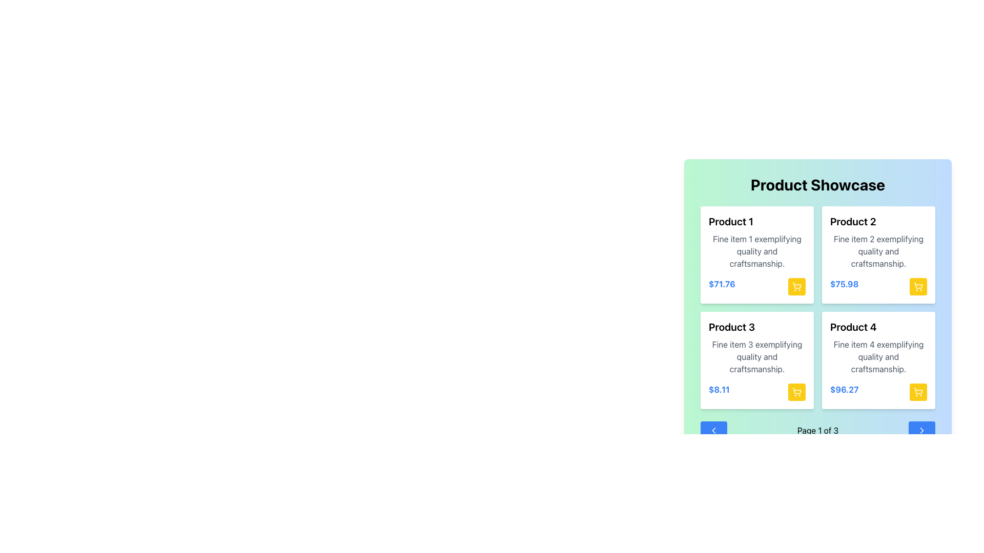 Image resolution: width=984 pixels, height=553 pixels. I want to click on the add to cart icon located at the bottom right corner of the second product's card in the second row, so click(918, 285).